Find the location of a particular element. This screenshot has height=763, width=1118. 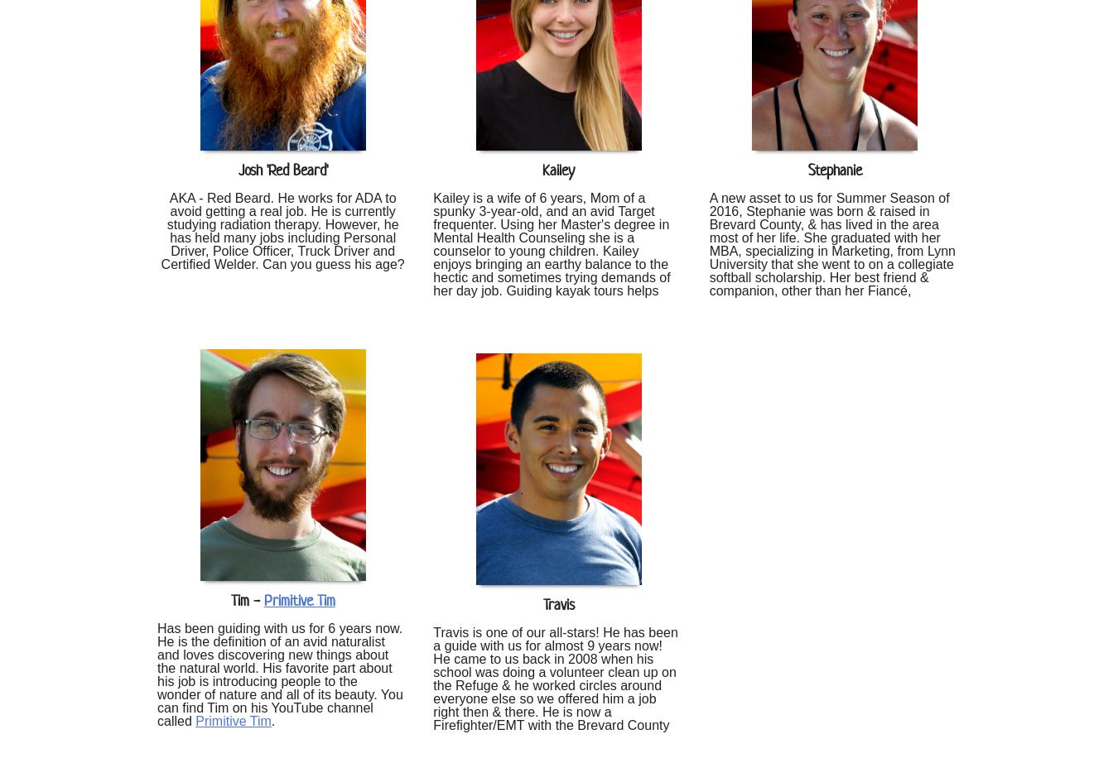

'AKA - Red Beard. He works for ADA to avoid getting a real job. He is currently studying radiation therapy. However, he has held many jobs including Personal Driver, Police Officer, Truck Driver and Certified Welder. Can you guess his age?' is located at coordinates (282, 229).